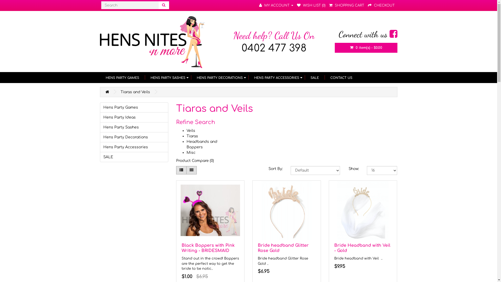 Image resolution: width=501 pixels, height=282 pixels. Describe the element at coordinates (190, 78) in the screenshot. I see `'HENS PARTY DECORATIONS'` at that location.